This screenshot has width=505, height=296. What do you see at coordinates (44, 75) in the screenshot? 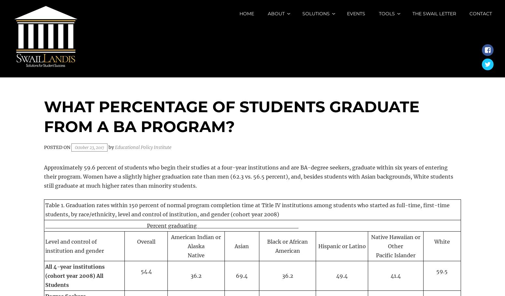
I see `'Solutions for Student Success'` at bounding box center [44, 75].